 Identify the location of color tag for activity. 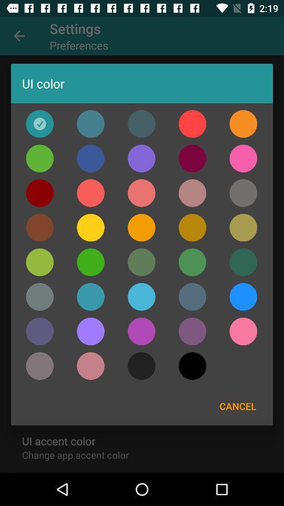
(192, 228).